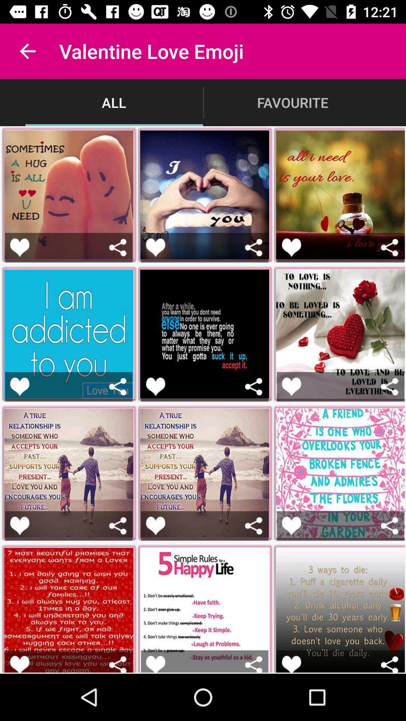  I want to click on share the article, so click(389, 664).